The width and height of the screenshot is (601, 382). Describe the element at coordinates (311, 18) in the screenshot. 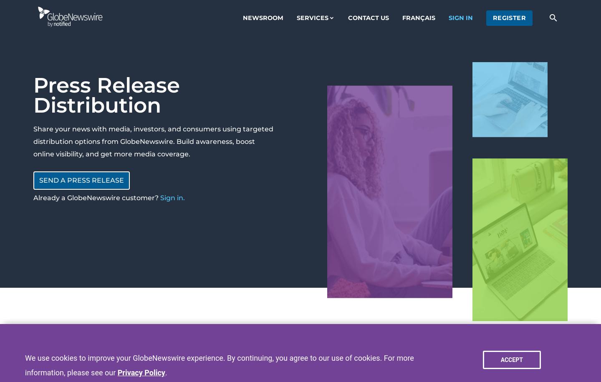

I see `'services'` at that location.